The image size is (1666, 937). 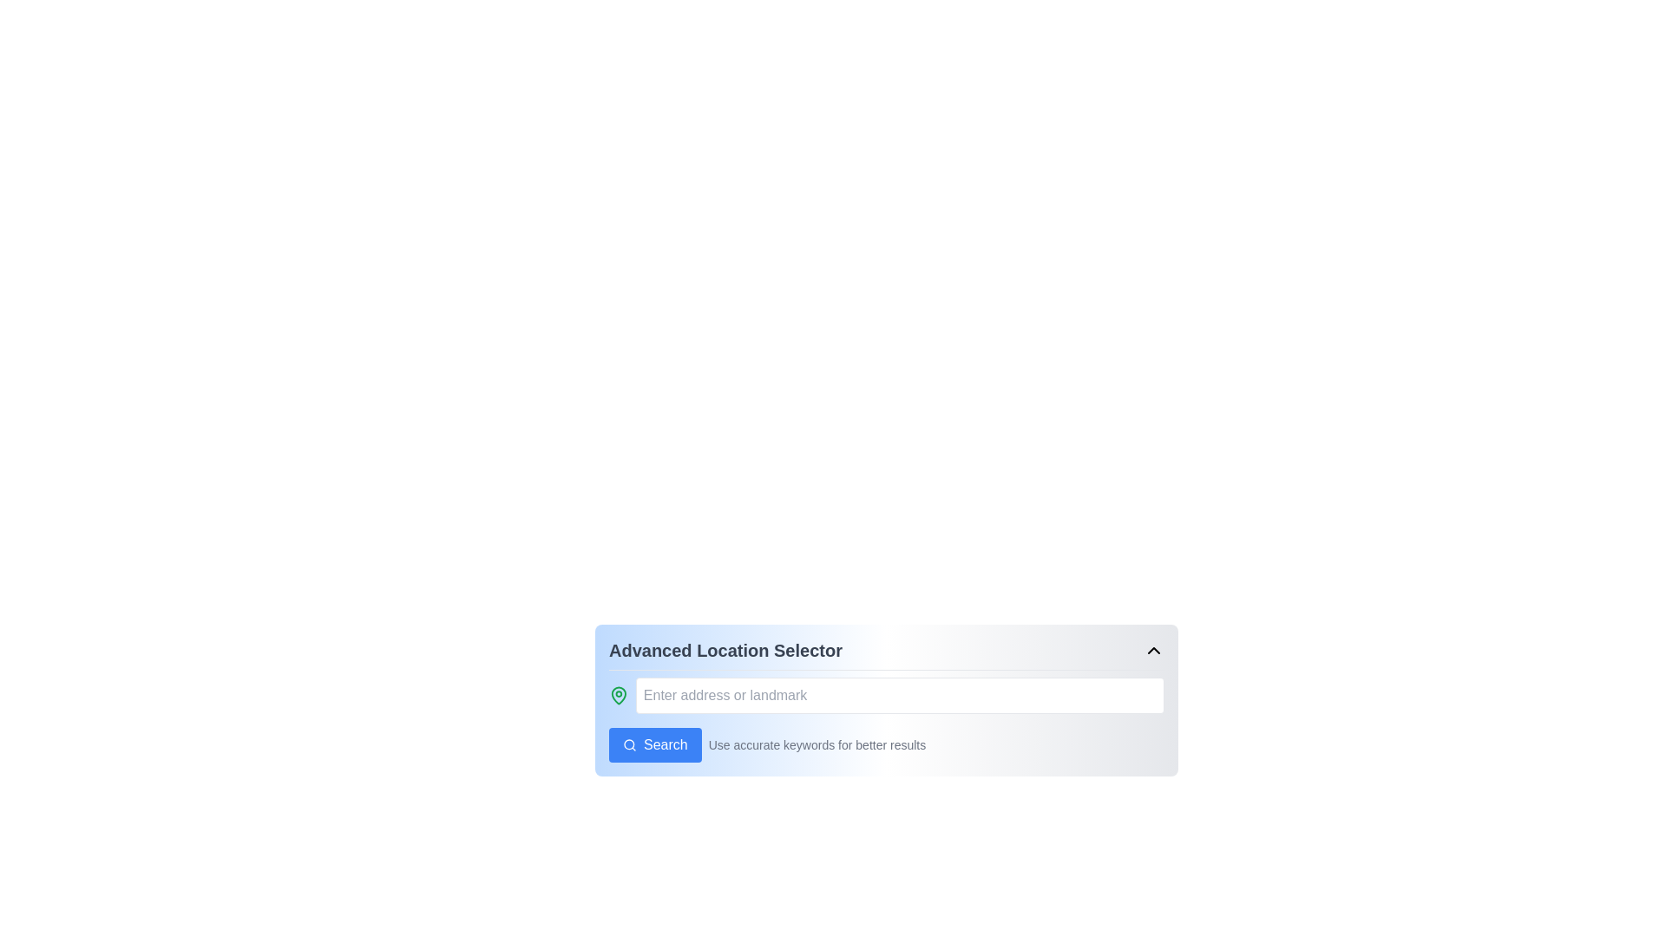 I want to click on the chevron-up icon button on the right edge of the 'Advanced Location Selector', so click(x=1153, y=650).